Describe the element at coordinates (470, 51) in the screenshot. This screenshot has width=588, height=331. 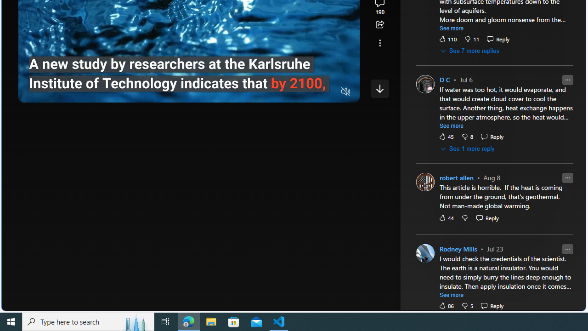
I see `'See 7 more replies'` at that location.